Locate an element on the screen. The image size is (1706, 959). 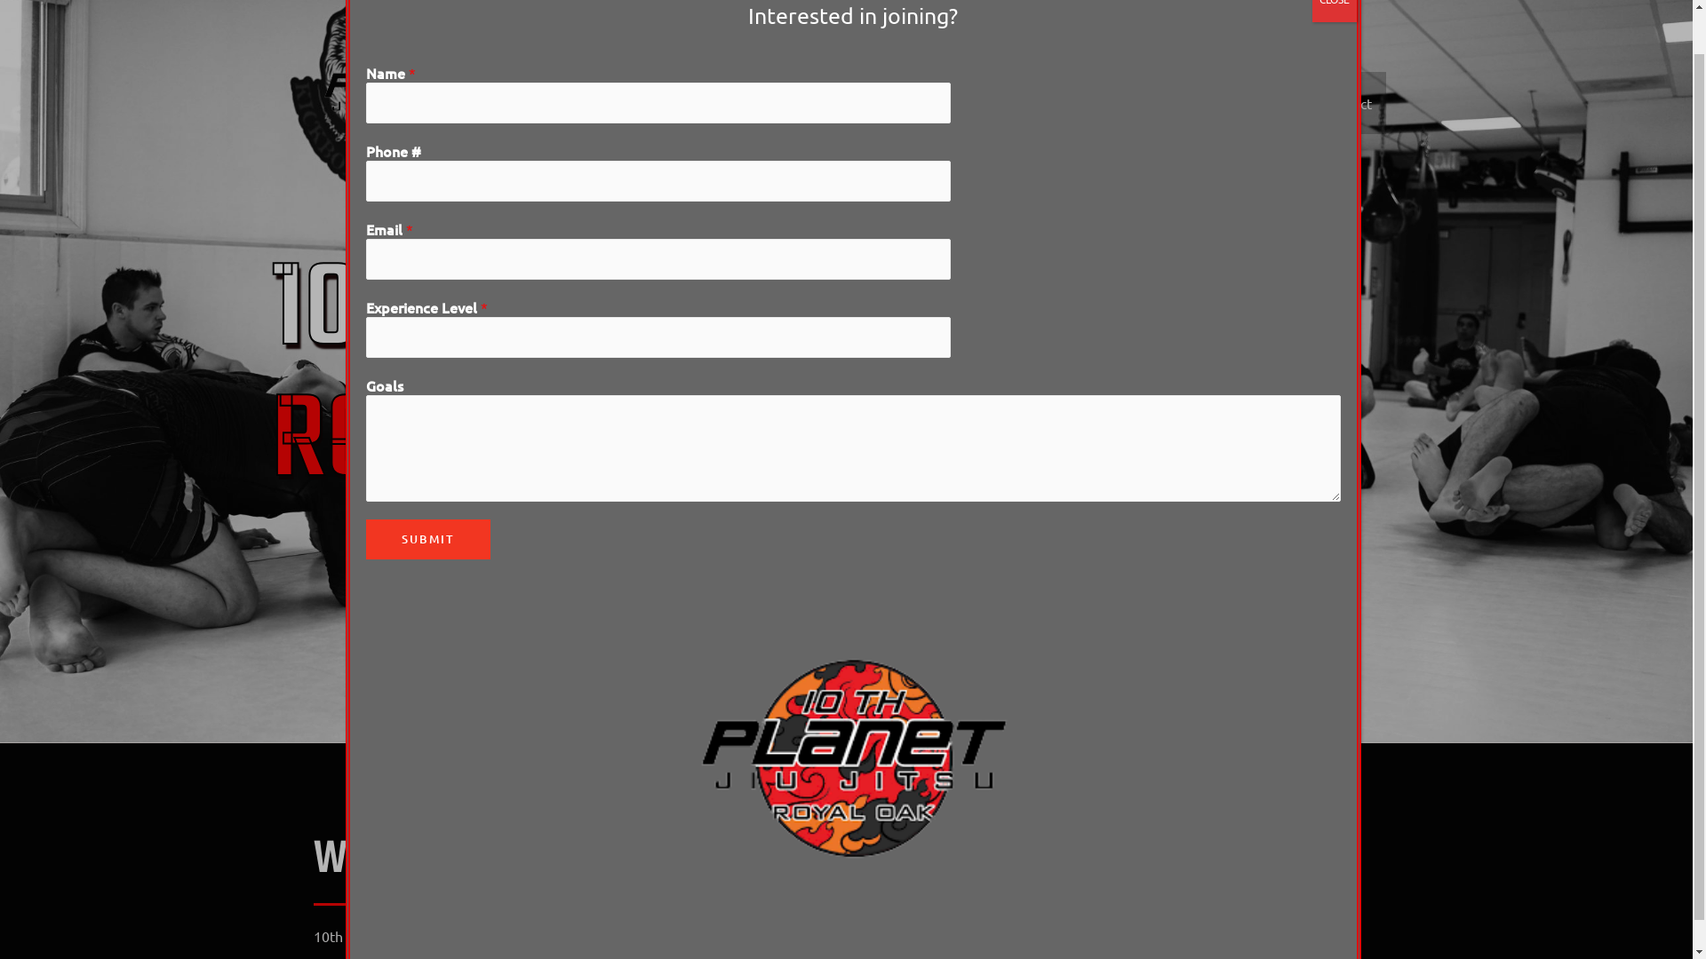
'Contact' is located at coordinates (1347, 102).